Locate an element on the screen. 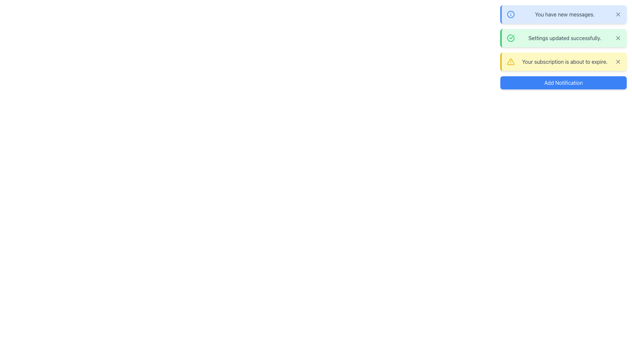 The height and width of the screenshot is (355, 632). the checkmark icon's line segment in the SVG notification area indicating 'Settings updated successfully' is located at coordinates (512, 37).